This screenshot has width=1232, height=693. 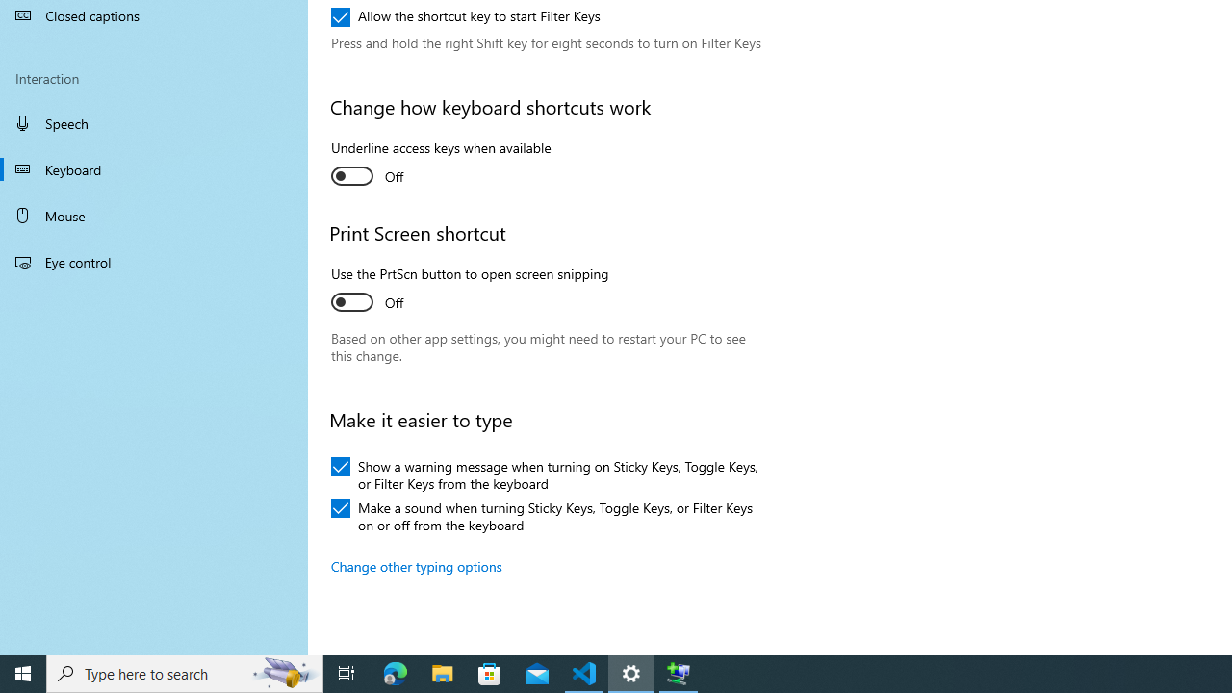 What do you see at coordinates (416, 565) in the screenshot?
I see `'Change other typing options'` at bounding box center [416, 565].